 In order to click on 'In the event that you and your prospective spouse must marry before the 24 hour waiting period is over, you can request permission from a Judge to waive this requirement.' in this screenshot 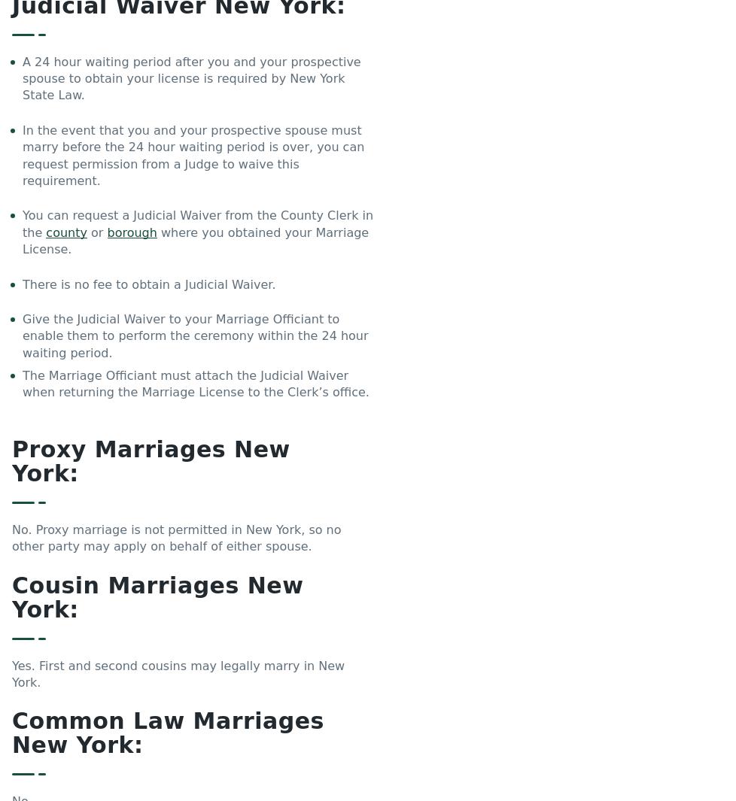, I will do `click(23, 153)`.